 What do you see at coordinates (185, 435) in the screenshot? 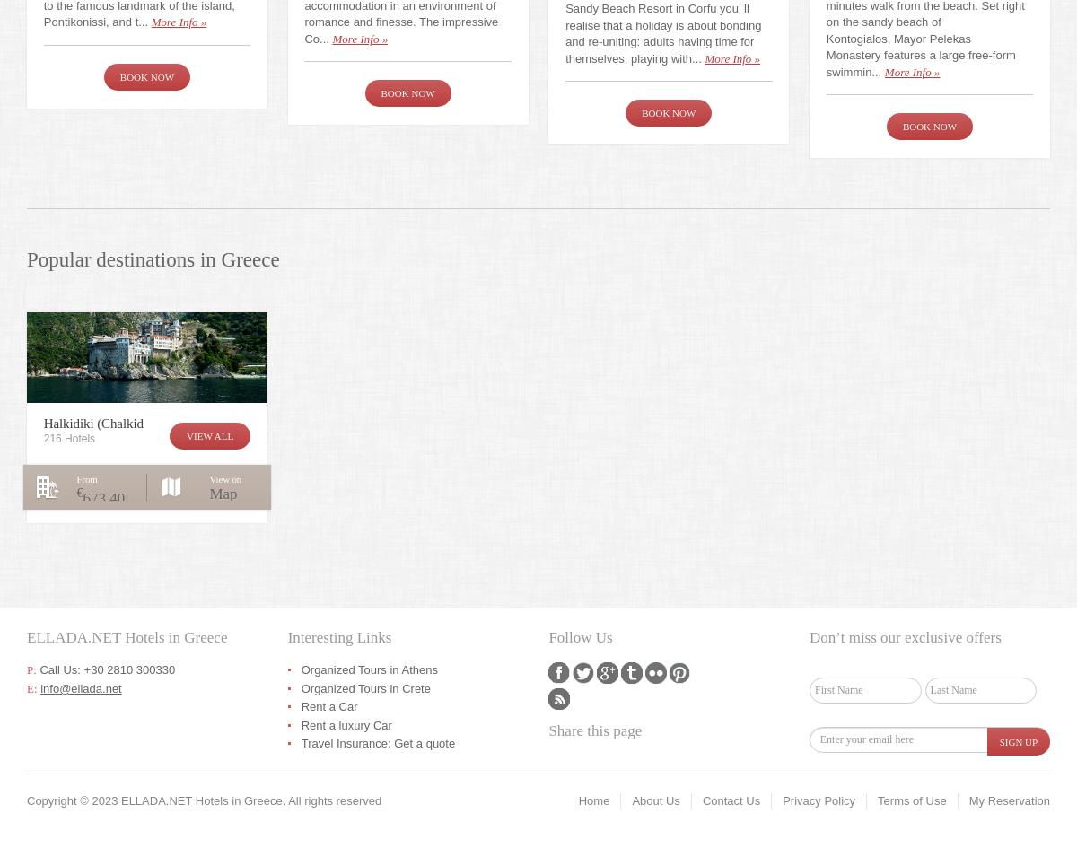
I see `'View all'` at bounding box center [185, 435].